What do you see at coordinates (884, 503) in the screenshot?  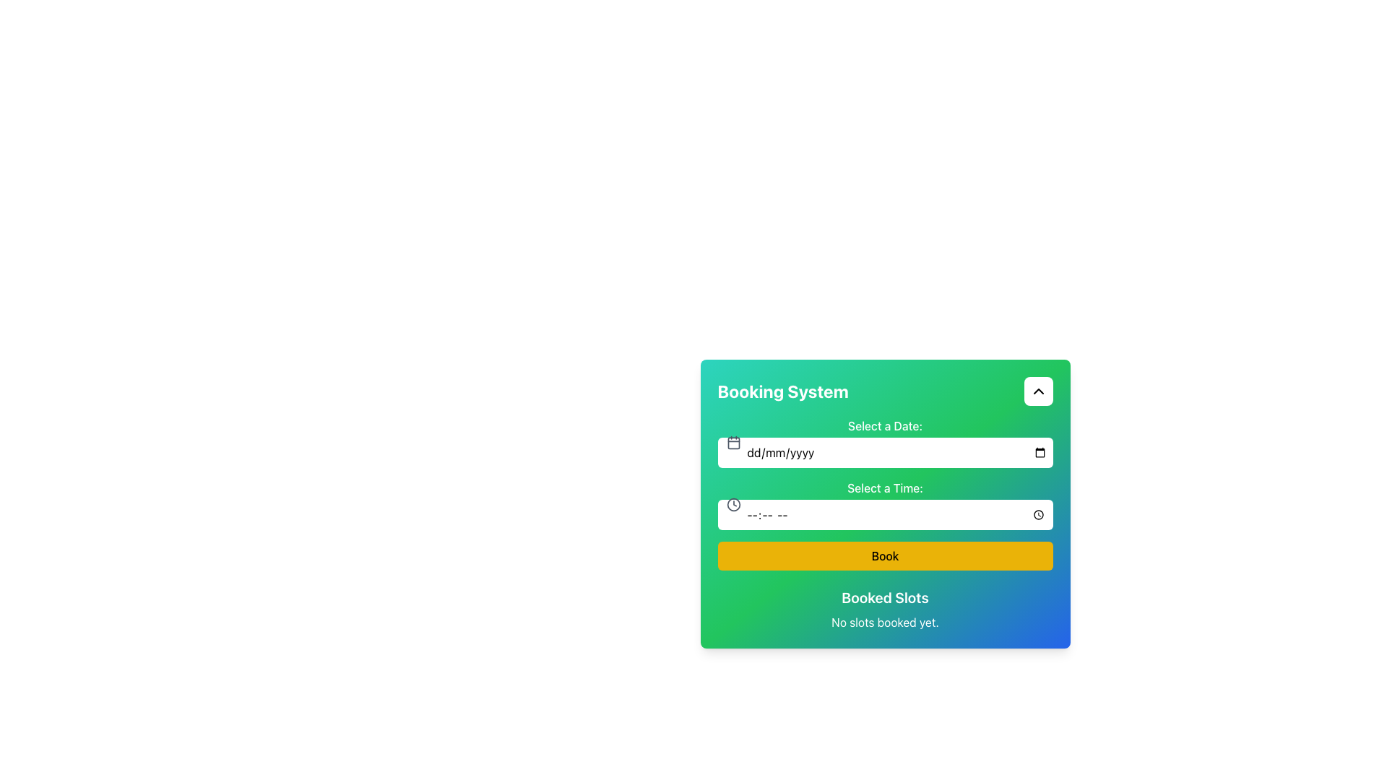 I see `a time from the dropdown menu of the Time-selection input field located under the 'Select a Date:' input field in the 'Booking System' interface` at bounding box center [884, 503].